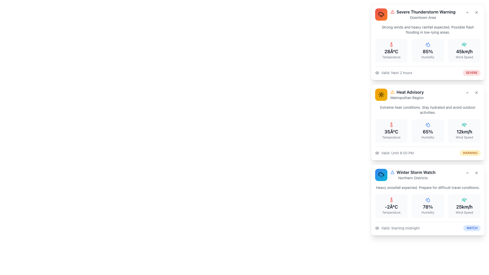 The image size is (489, 275). I want to click on the text label for the weather alert, which is located within the third alert card and positioned to the right of the alert icon, so click(416, 172).